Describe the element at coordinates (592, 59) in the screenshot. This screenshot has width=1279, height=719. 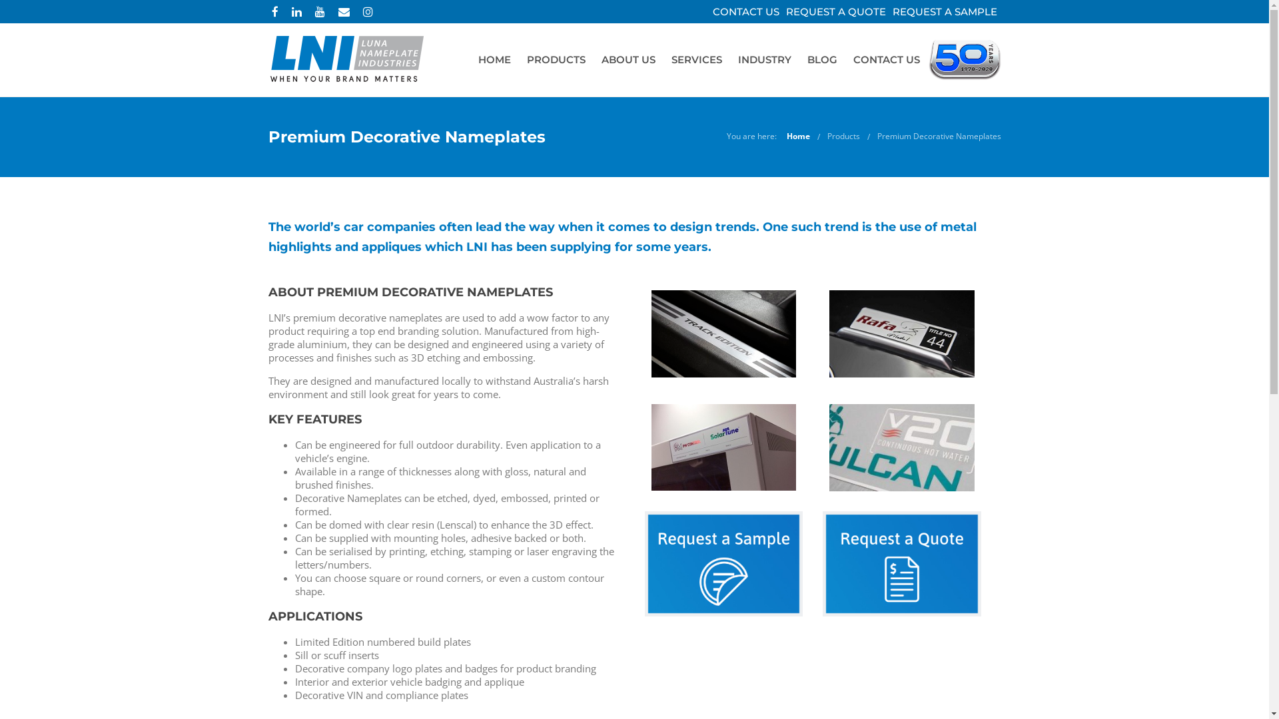
I see `'ABOUT US'` at that location.